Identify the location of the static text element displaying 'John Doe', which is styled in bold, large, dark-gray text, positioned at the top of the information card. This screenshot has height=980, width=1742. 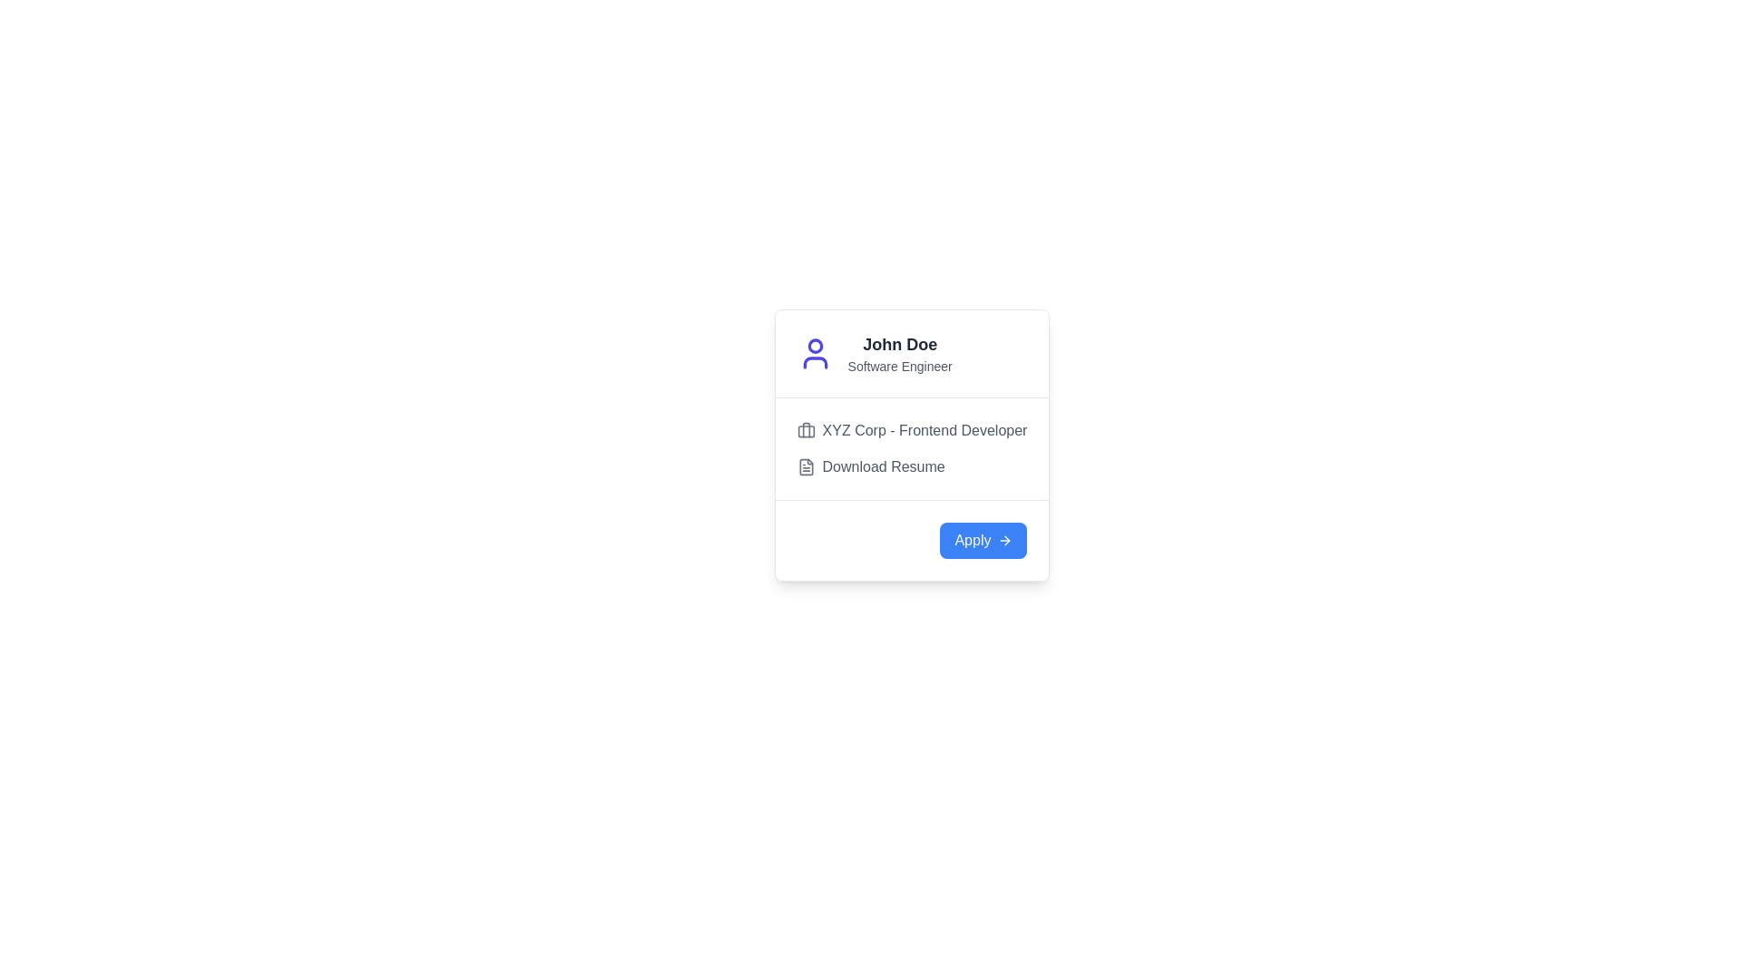
(900, 345).